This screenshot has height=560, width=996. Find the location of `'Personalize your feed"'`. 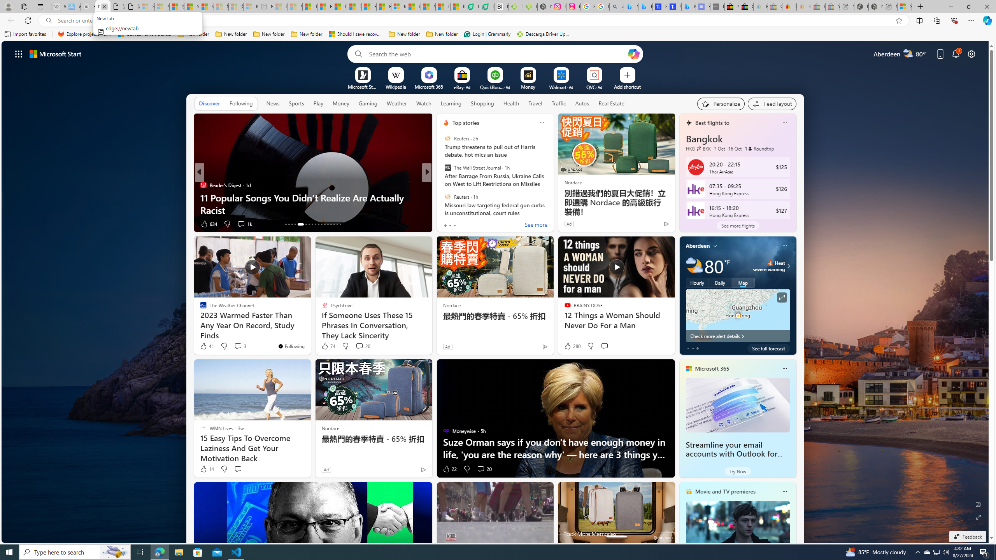

'Personalize your feed"' is located at coordinates (721, 104).